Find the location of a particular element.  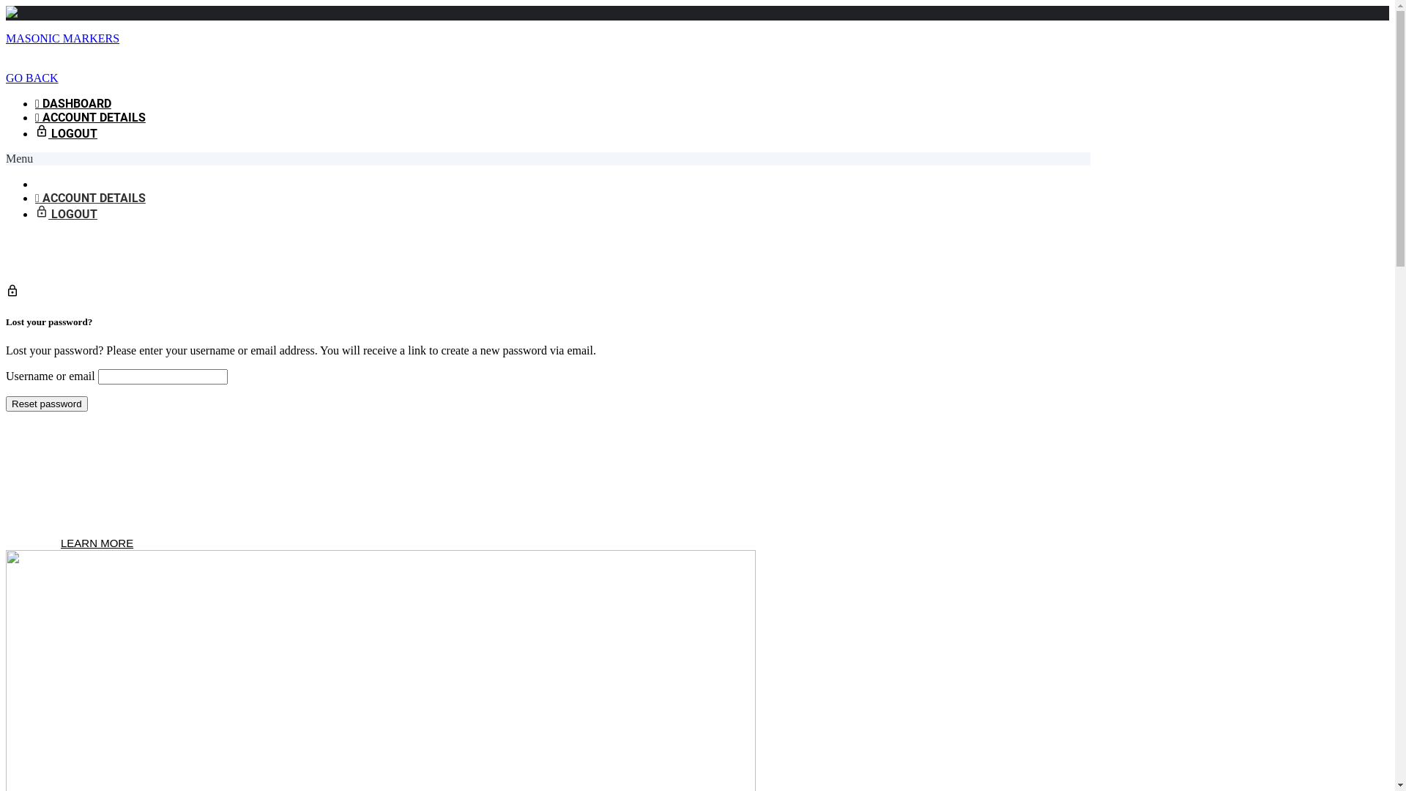

'GO BACK' is located at coordinates (31, 78).